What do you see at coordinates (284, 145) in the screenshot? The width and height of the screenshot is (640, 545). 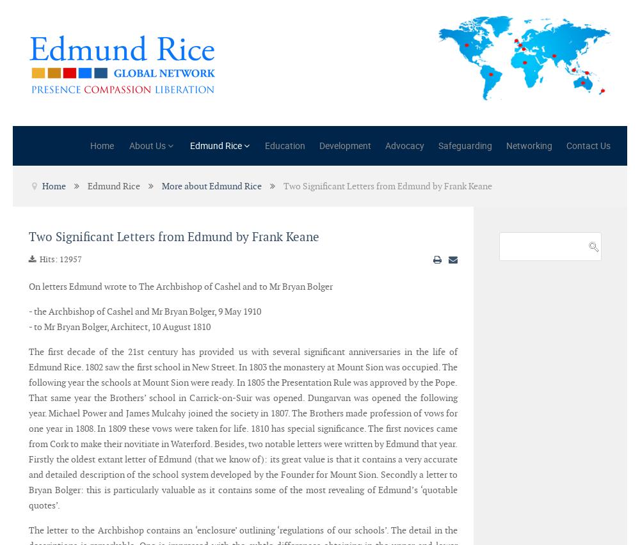 I see `'Education'` at bounding box center [284, 145].